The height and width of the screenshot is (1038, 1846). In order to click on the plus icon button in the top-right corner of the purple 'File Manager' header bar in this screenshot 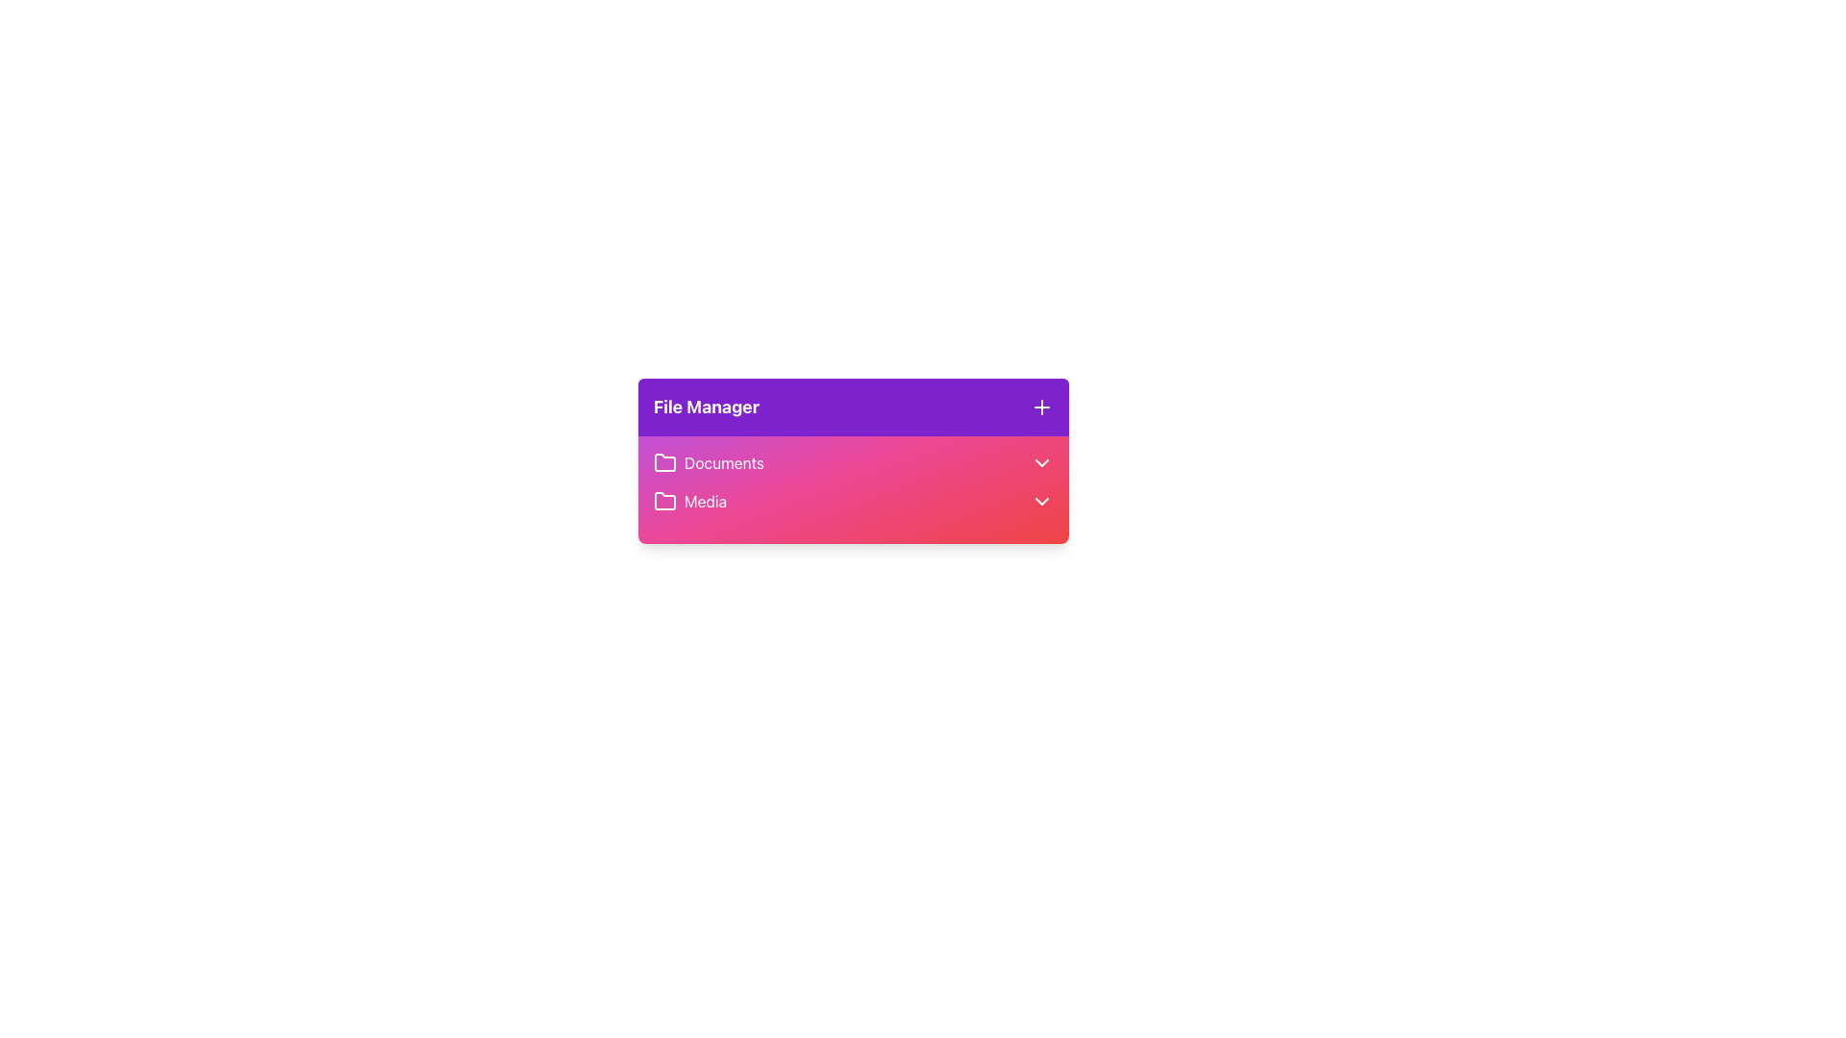, I will do `click(1041, 407)`.